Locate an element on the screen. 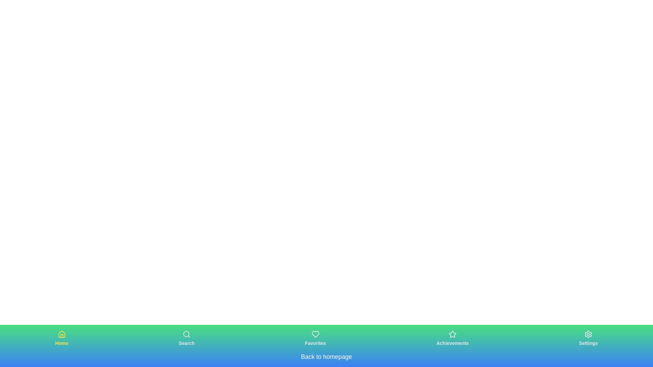 This screenshot has width=653, height=367. the Search navigation button is located at coordinates (186, 338).